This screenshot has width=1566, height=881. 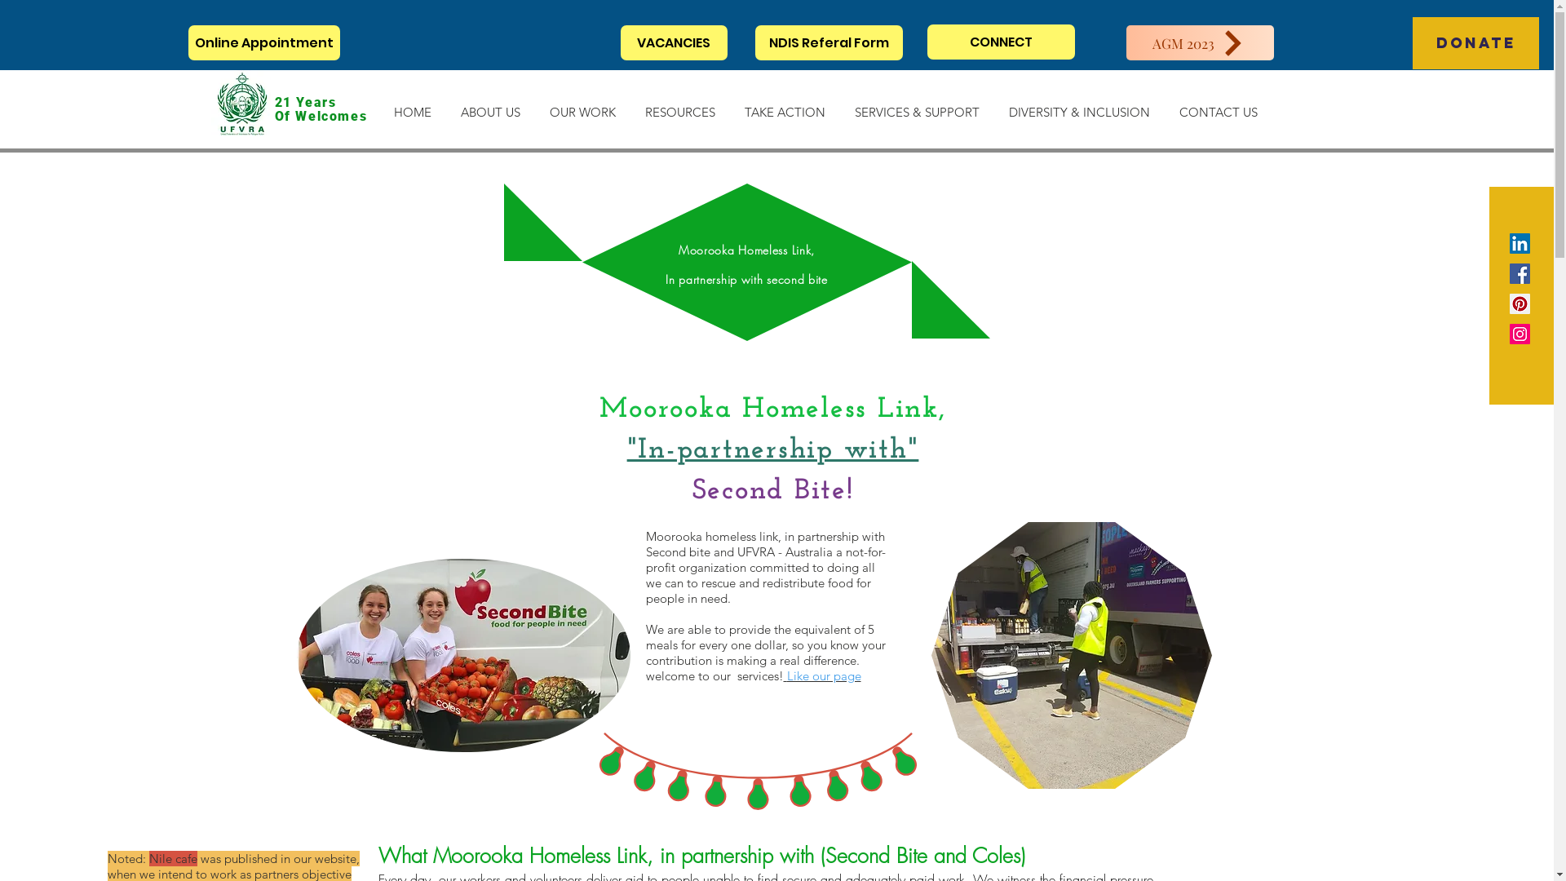 What do you see at coordinates (999, 41) in the screenshot?
I see `'CONNECT'` at bounding box center [999, 41].